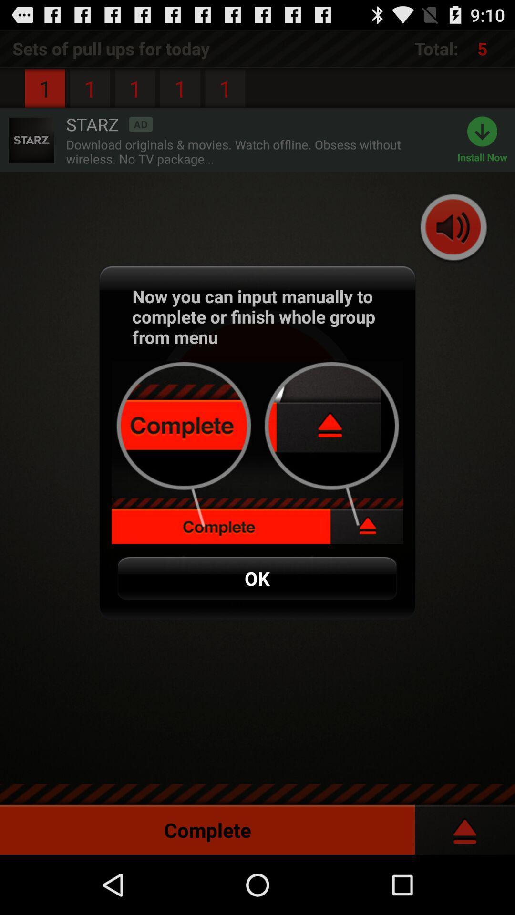  What do you see at coordinates (257, 578) in the screenshot?
I see `the ok item` at bounding box center [257, 578].